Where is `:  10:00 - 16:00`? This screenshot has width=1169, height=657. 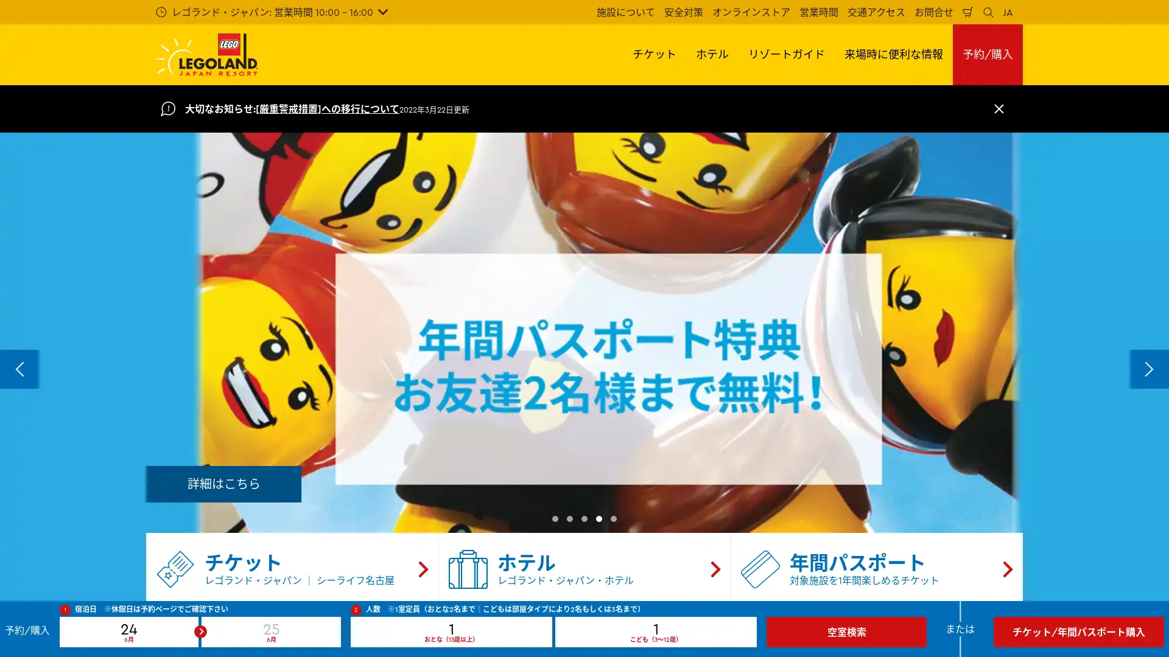
:  10:00 - 16:00 is located at coordinates (271, 12).